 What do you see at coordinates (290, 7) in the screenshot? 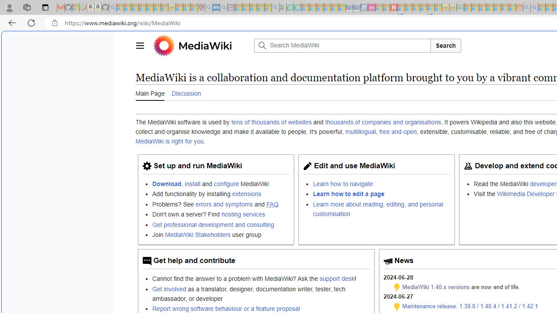
I see `'Terms of Use Agreement - Sleeping'` at bounding box center [290, 7].